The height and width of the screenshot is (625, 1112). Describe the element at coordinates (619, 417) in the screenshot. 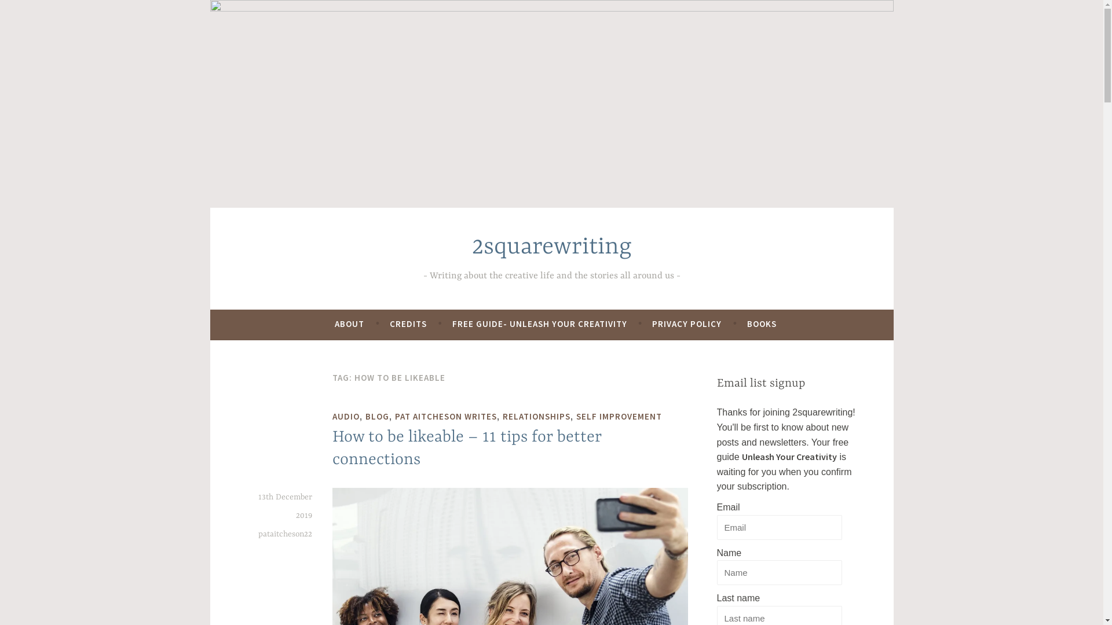

I see `'SELF IMPROVEMENT'` at that location.